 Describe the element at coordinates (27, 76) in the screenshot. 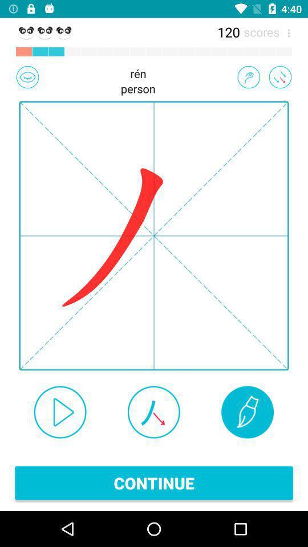

I see `the icon to the left of person icon` at that location.